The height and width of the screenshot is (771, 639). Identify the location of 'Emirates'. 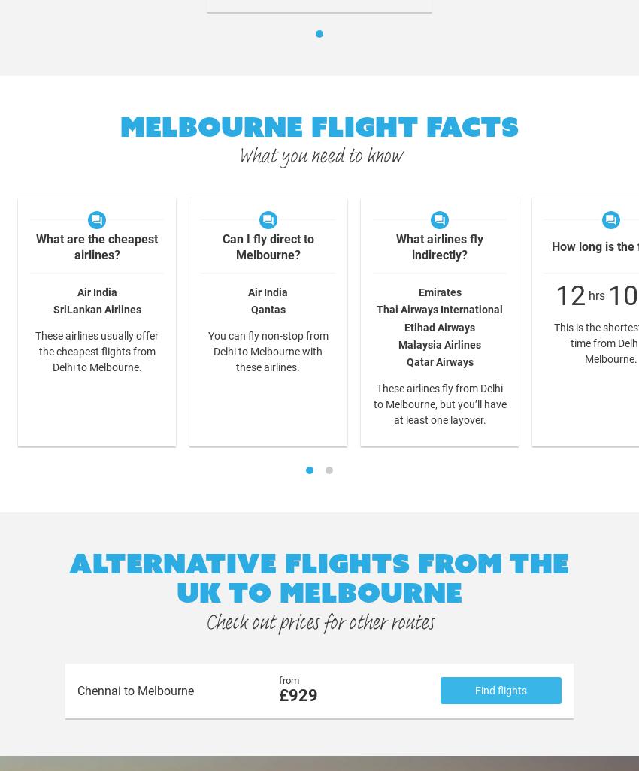
(439, 291).